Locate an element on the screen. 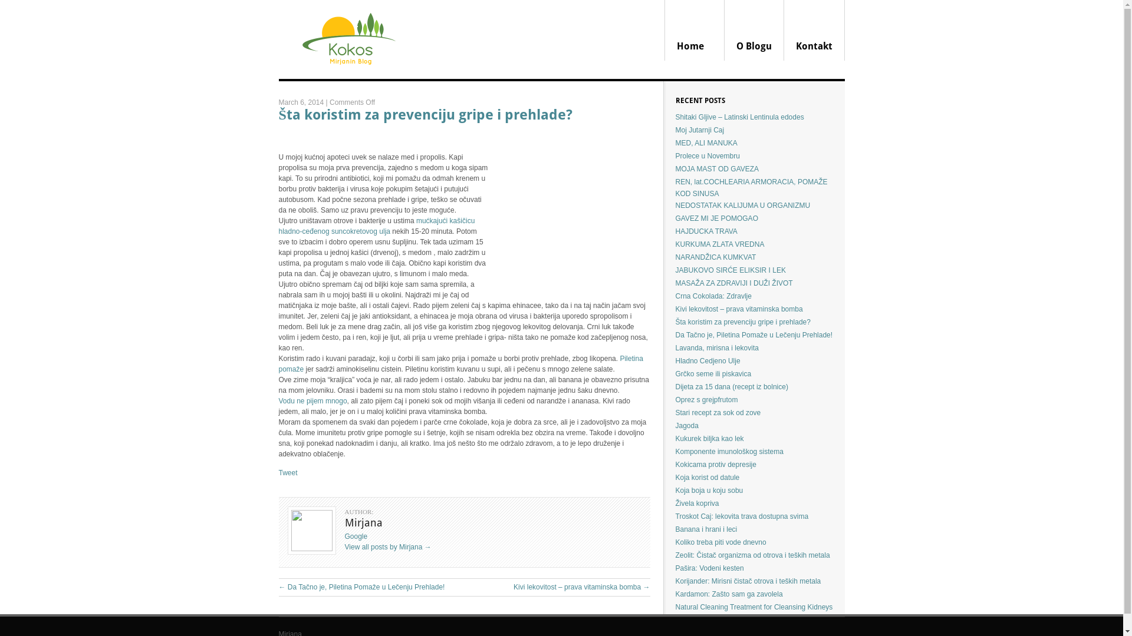 This screenshot has height=636, width=1132. 'Jagoda' is located at coordinates (687, 425).